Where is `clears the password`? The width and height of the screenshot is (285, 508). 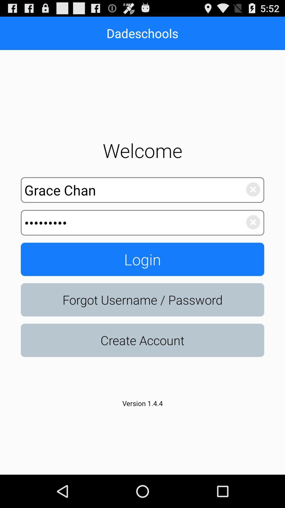
clears the password is located at coordinates (250, 223).